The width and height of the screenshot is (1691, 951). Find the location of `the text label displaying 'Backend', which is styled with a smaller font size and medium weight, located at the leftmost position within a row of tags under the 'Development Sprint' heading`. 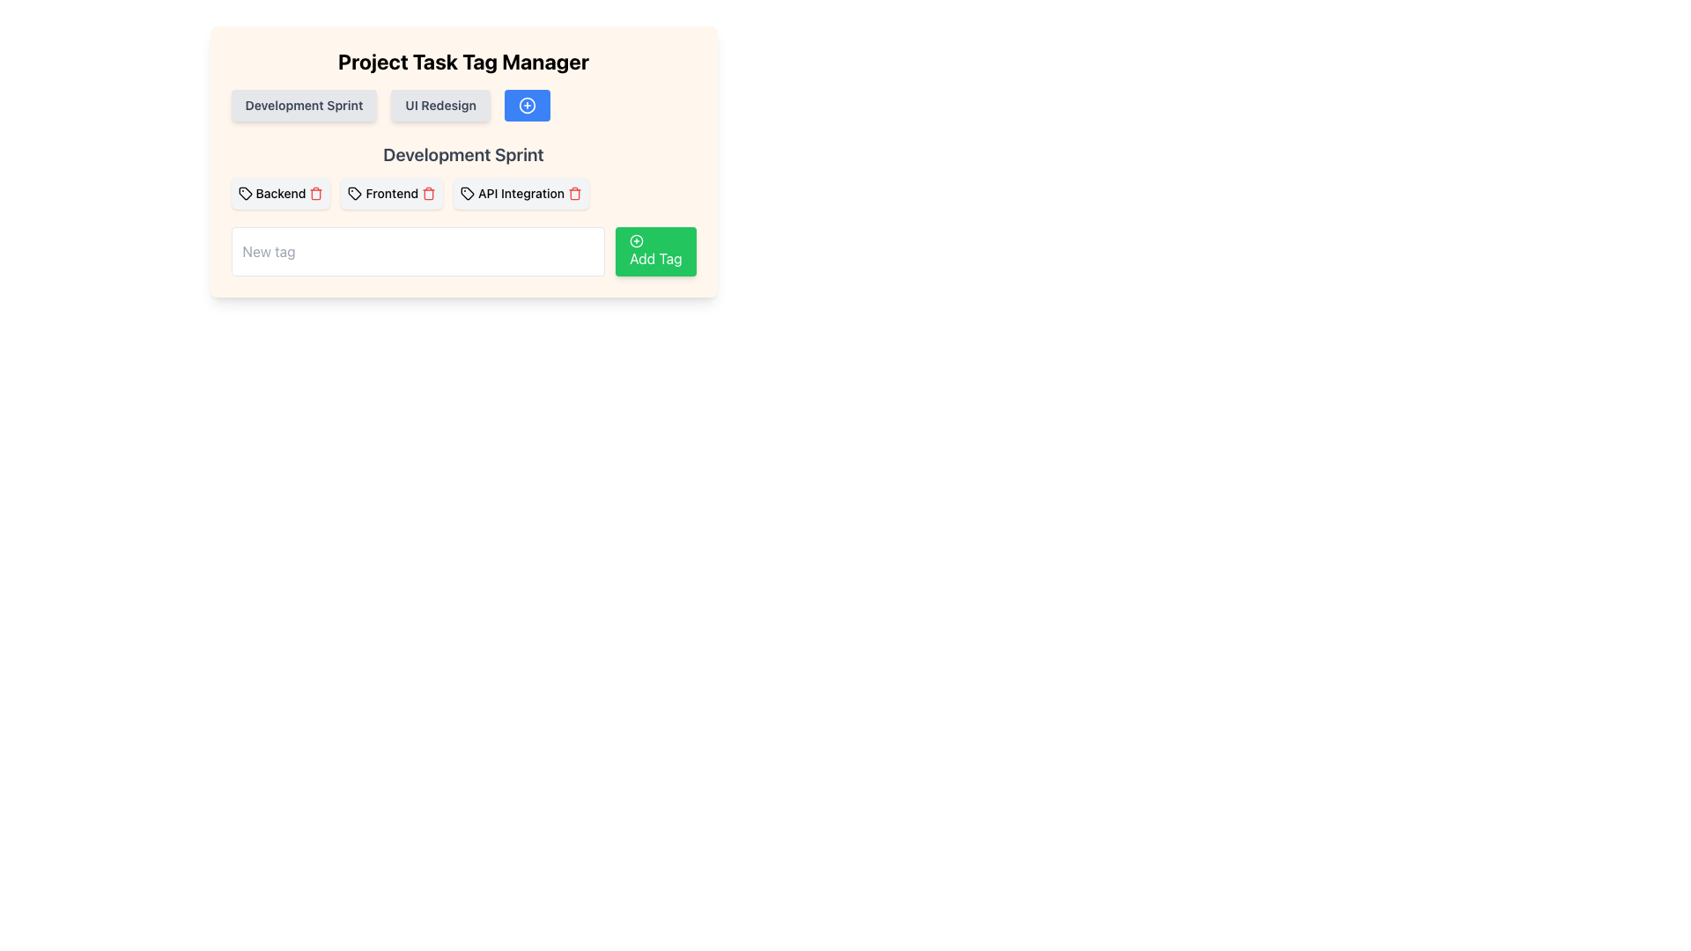

the text label displaying 'Backend', which is styled with a smaller font size and medium weight, located at the leftmost position within a row of tags under the 'Development Sprint' heading is located at coordinates (279, 193).